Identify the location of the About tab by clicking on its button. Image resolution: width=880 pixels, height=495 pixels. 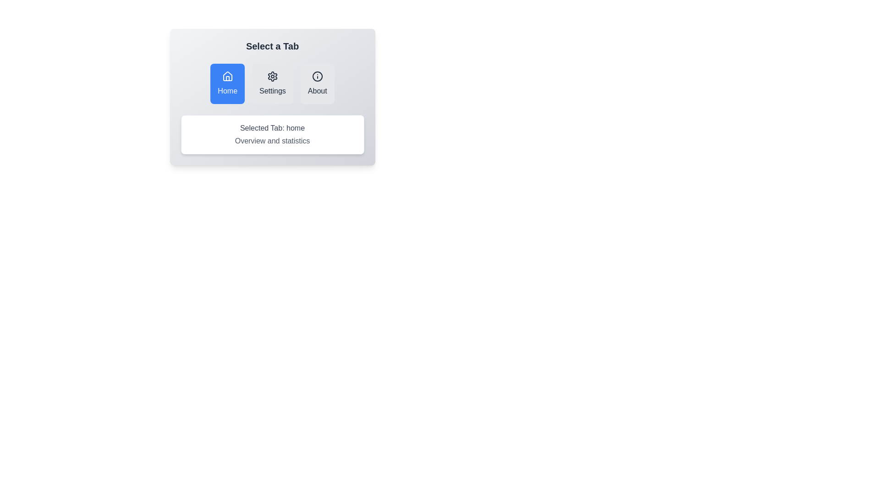
(317, 83).